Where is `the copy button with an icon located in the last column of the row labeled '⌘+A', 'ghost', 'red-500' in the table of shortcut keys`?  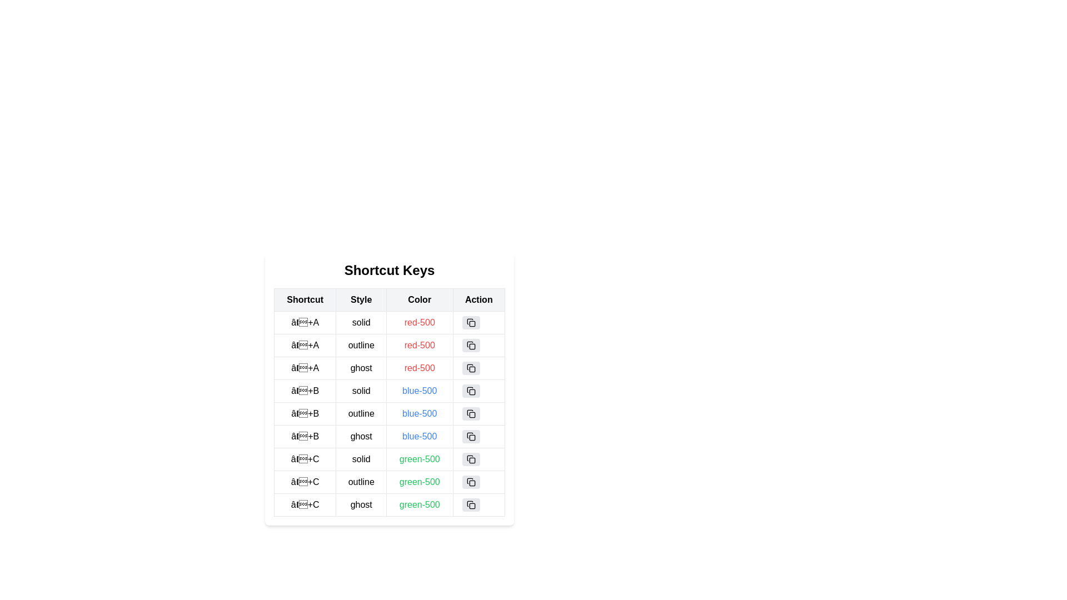 the copy button with an icon located in the last column of the row labeled '⌘+A', 'ghost', 'red-500' in the table of shortcut keys is located at coordinates (478, 368).